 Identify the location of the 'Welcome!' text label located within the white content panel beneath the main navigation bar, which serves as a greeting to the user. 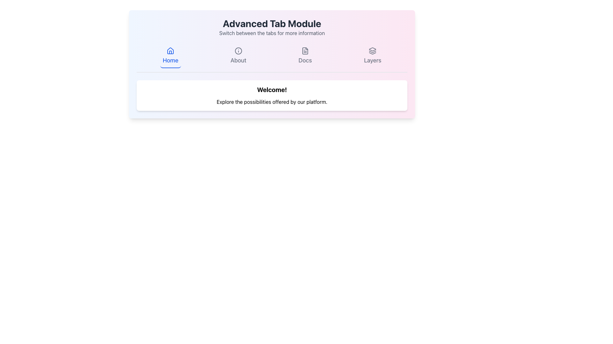
(272, 90).